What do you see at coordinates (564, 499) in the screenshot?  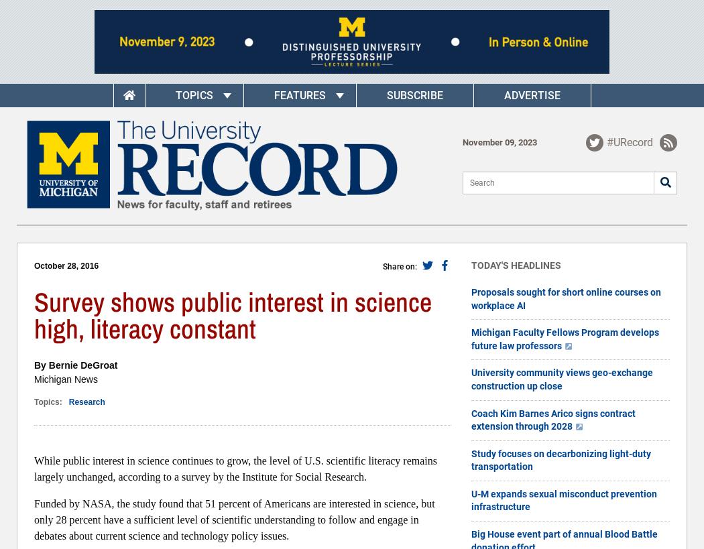 I see `'U-M expands sexual misconduct prevention infrastructure'` at bounding box center [564, 499].